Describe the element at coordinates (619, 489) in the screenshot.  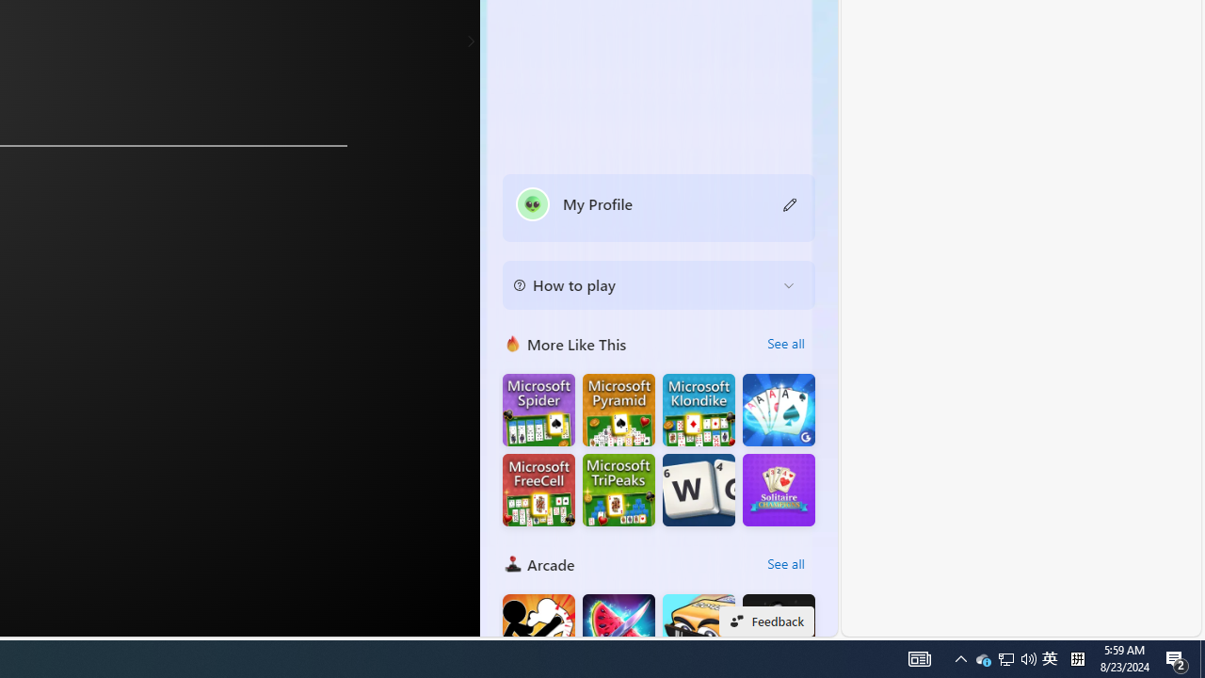
I see `'Microsoft TriPeaks Solitaire'` at that location.